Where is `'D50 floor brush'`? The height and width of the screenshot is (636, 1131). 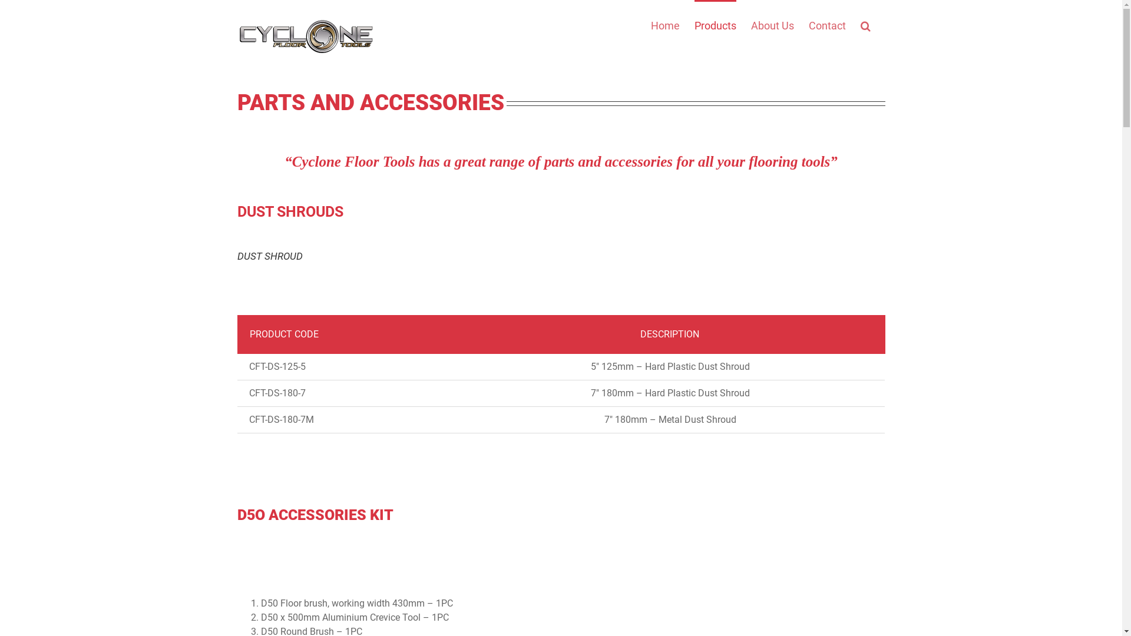
'D50 floor brush' is located at coordinates (269, 552).